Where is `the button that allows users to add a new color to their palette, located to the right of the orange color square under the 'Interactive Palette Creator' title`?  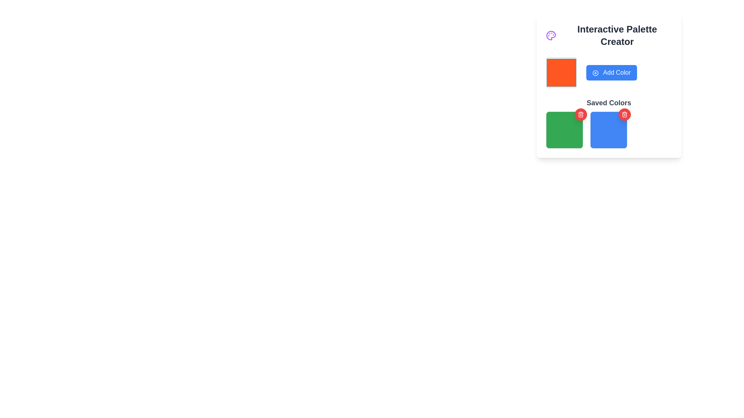
the button that allows users to add a new color to their palette, located to the right of the orange color square under the 'Interactive Palette Creator' title is located at coordinates (611, 73).